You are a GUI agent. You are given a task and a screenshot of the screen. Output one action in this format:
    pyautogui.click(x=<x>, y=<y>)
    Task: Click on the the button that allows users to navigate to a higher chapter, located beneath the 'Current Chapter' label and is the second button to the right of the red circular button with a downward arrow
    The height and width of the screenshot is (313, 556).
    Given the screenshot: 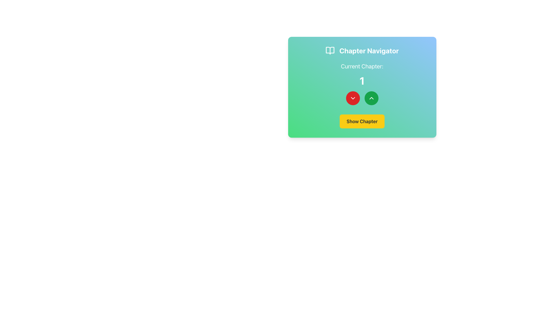 What is the action you would take?
    pyautogui.click(x=371, y=98)
    